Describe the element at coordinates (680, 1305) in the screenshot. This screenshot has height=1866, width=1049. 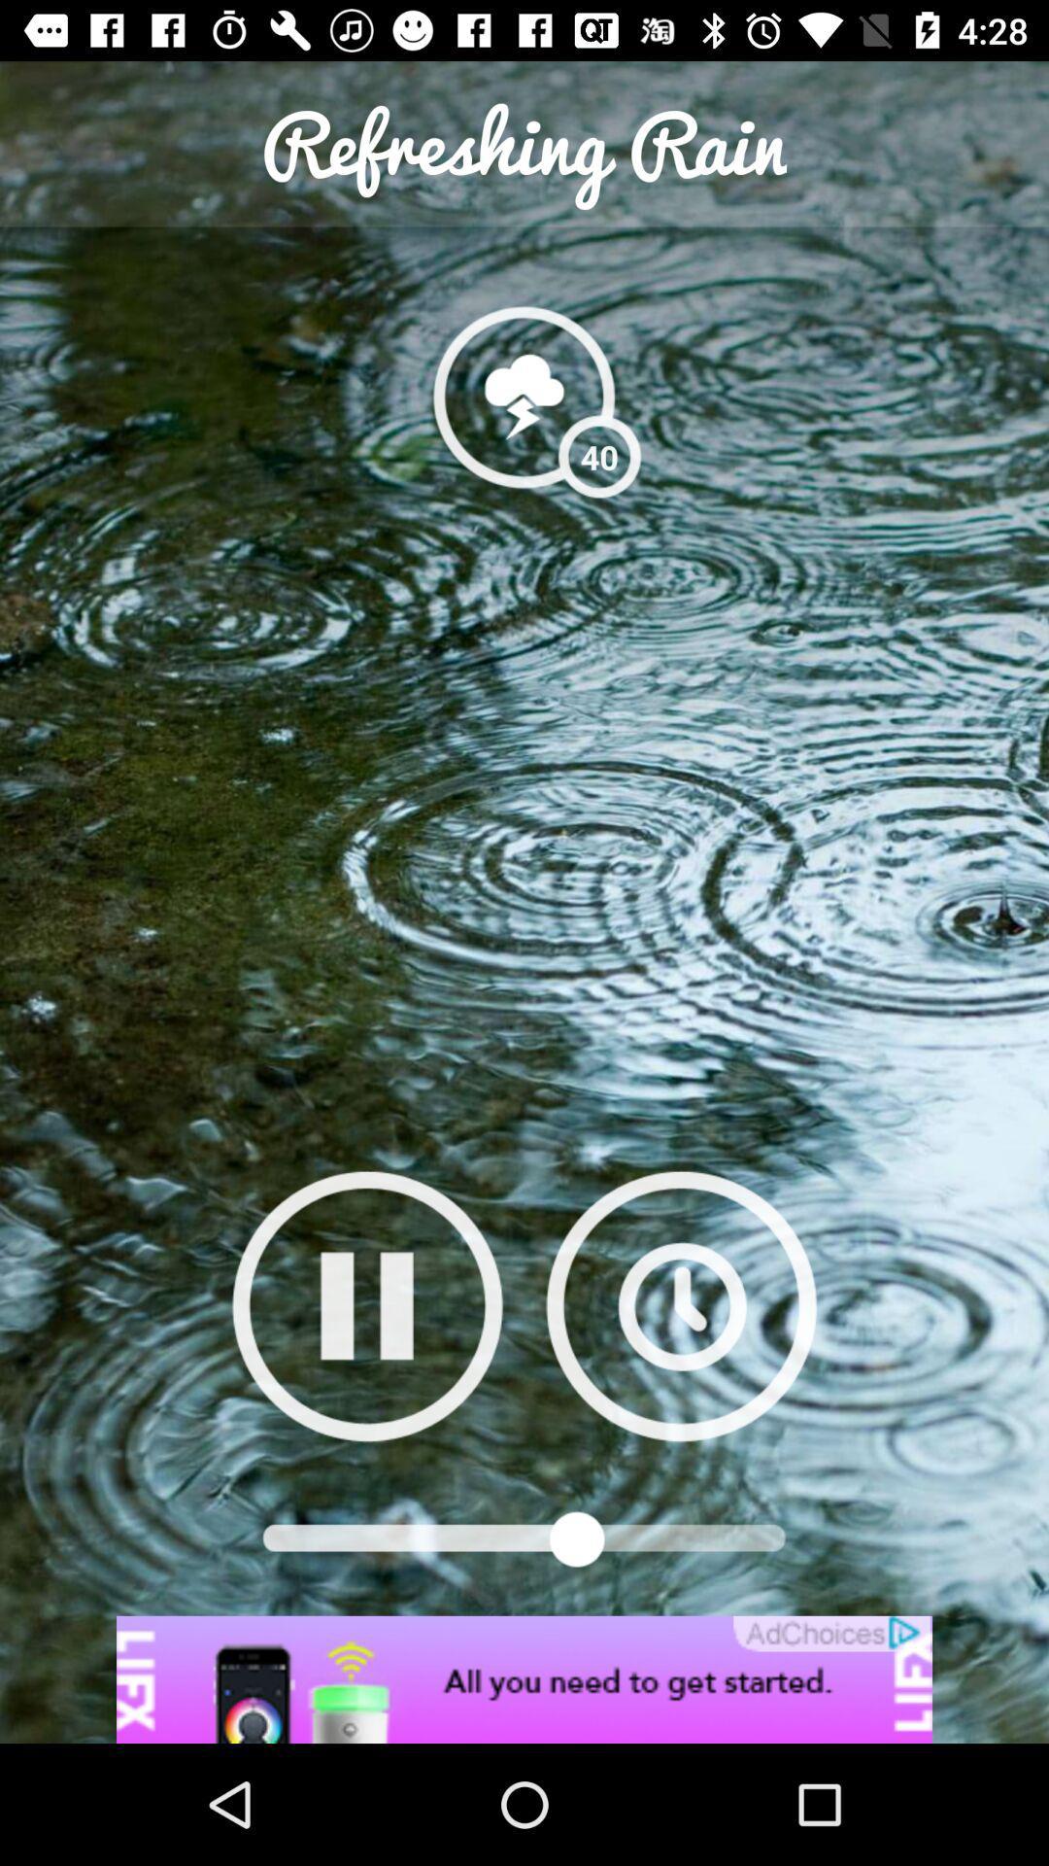
I see `timing` at that location.